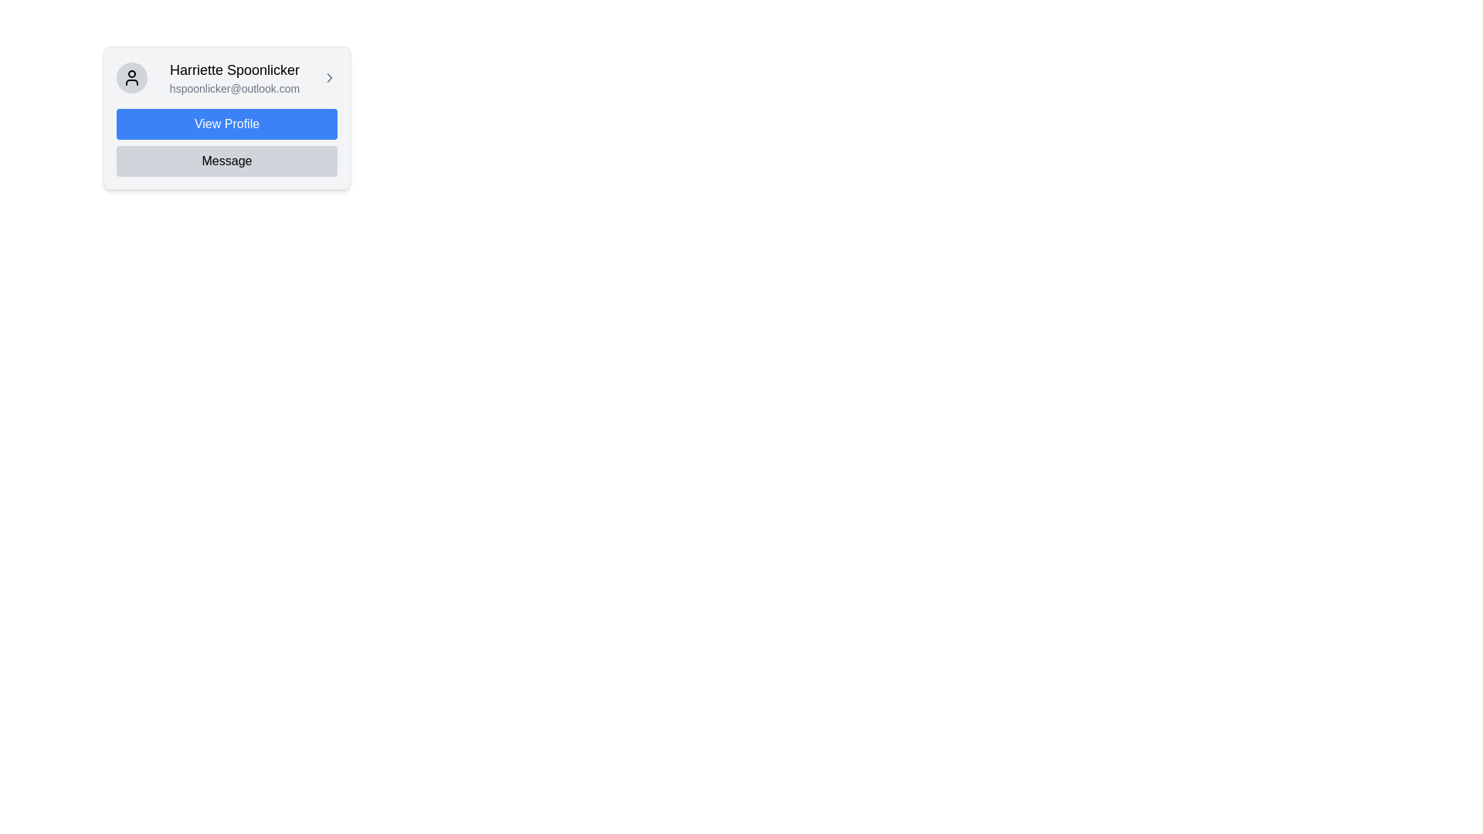  Describe the element at coordinates (226, 77) in the screenshot. I see `the Profile Information Section containing the avatar, name 'Harriette Spoonlicker', and email 'hspoonlicker@outlook.com'` at that location.